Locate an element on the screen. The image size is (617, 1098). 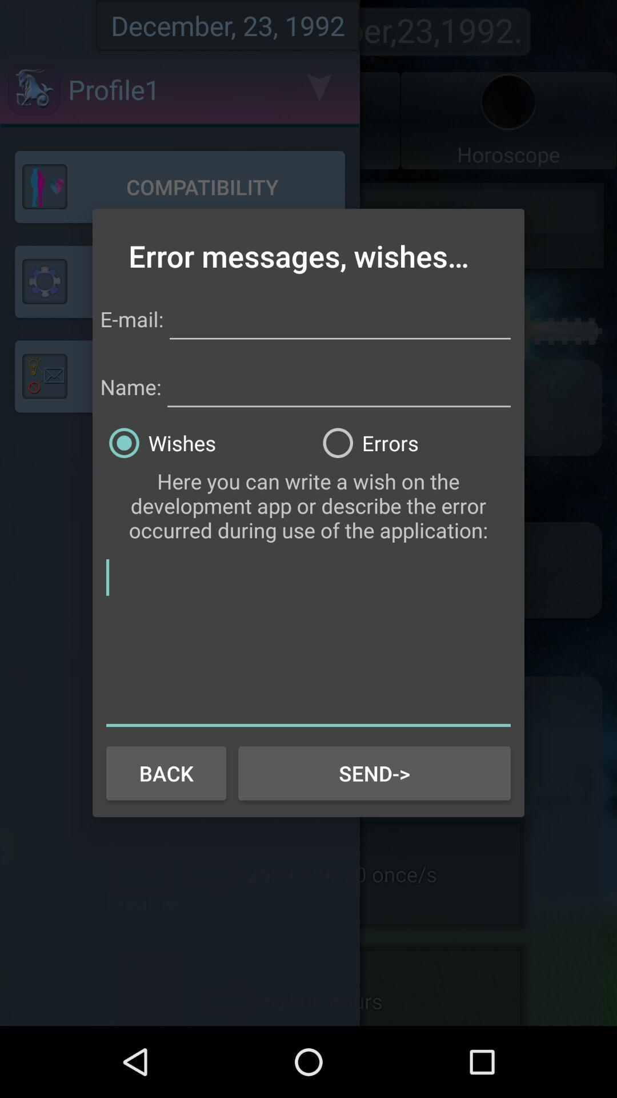
type text is located at coordinates (339, 317).